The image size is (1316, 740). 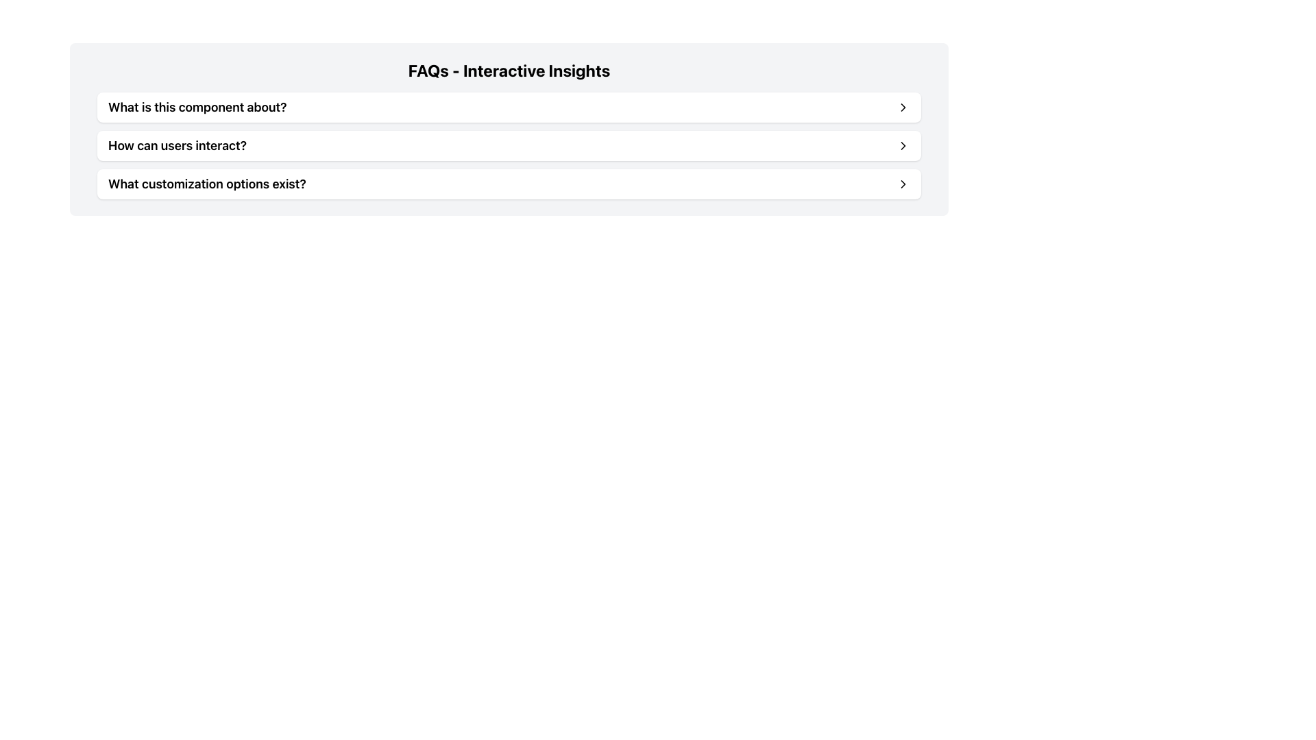 What do you see at coordinates (903, 145) in the screenshot?
I see `the rightward-facing chevron SVG icon located within the button labeled 'How can users interact?'` at bounding box center [903, 145].